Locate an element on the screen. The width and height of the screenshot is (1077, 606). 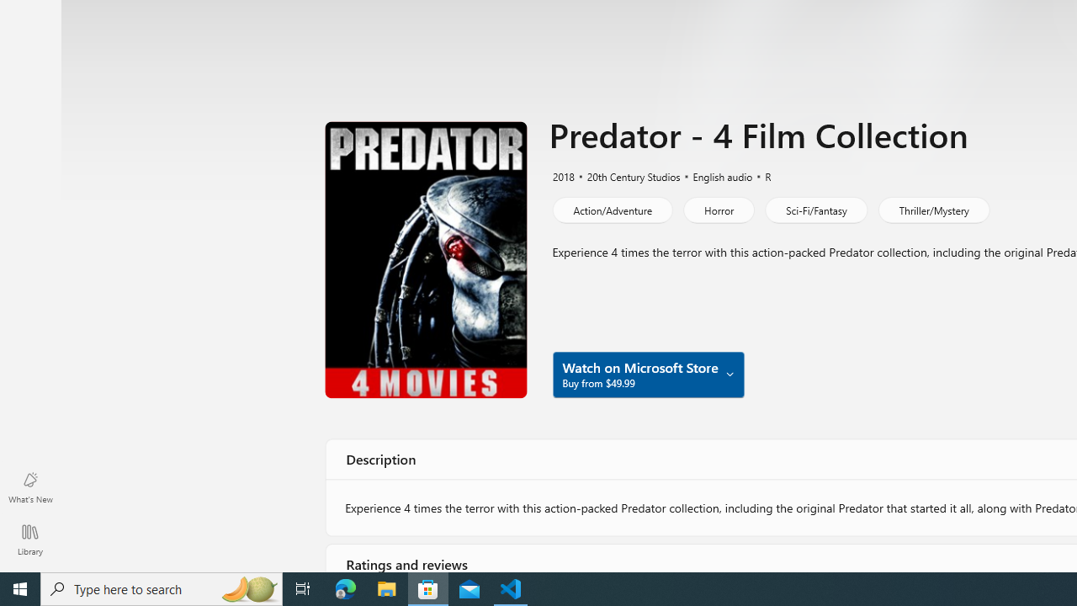
'Action/Adventure' is located at coordinates (611, 209).